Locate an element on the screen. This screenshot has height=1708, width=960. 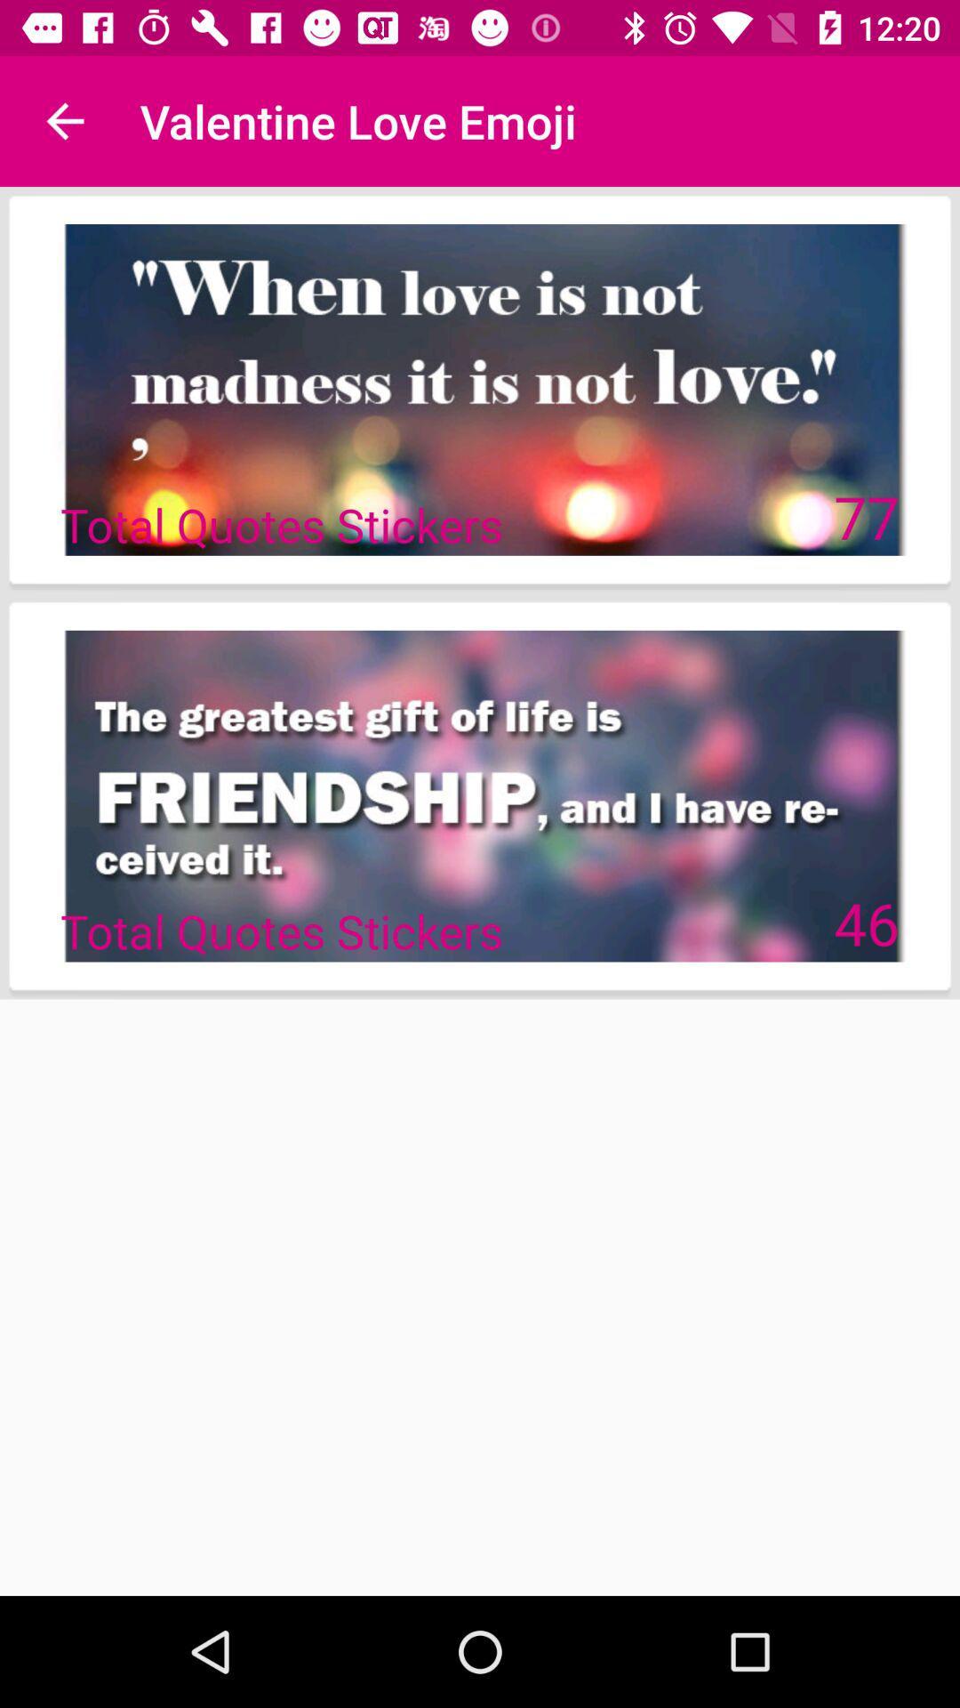
the item next to the valentine love emoji item is located at coordinates (64, 120).